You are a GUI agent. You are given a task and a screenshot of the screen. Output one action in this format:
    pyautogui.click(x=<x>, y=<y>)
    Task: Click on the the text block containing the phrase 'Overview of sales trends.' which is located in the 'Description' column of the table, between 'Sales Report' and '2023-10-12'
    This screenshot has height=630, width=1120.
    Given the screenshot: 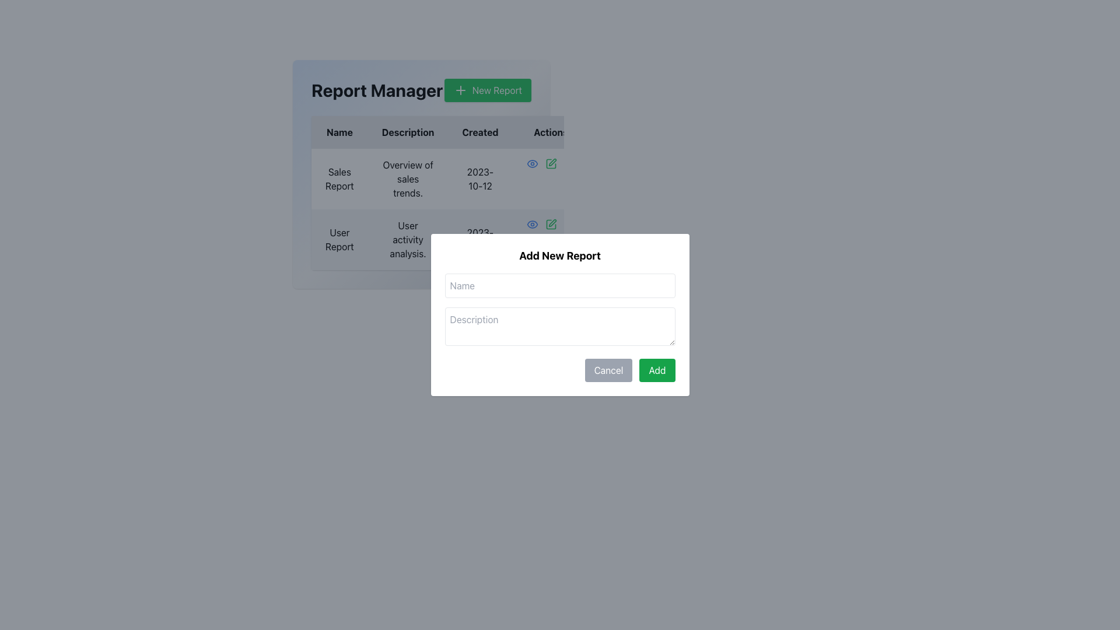 What is the action you would take?
    pyautogui.click(x=408, y=179)
    